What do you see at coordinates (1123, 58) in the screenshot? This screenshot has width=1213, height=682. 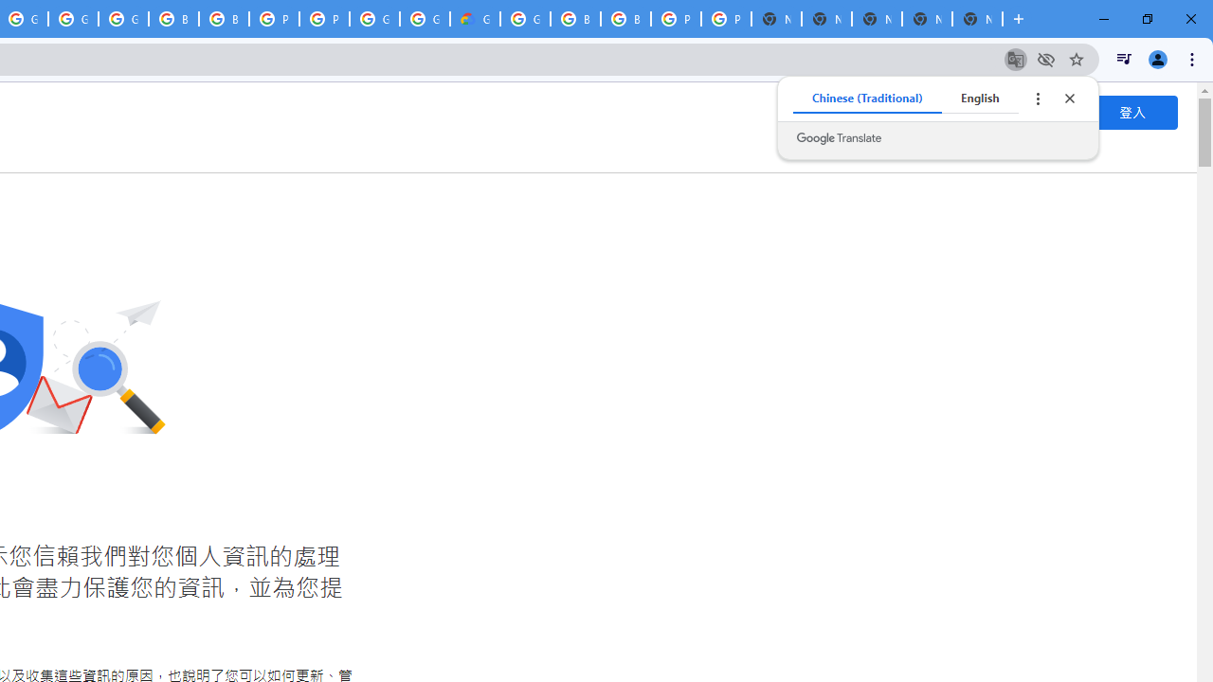 I see `'Control your music, videos, and more'` at bounding box center [1123, 58].